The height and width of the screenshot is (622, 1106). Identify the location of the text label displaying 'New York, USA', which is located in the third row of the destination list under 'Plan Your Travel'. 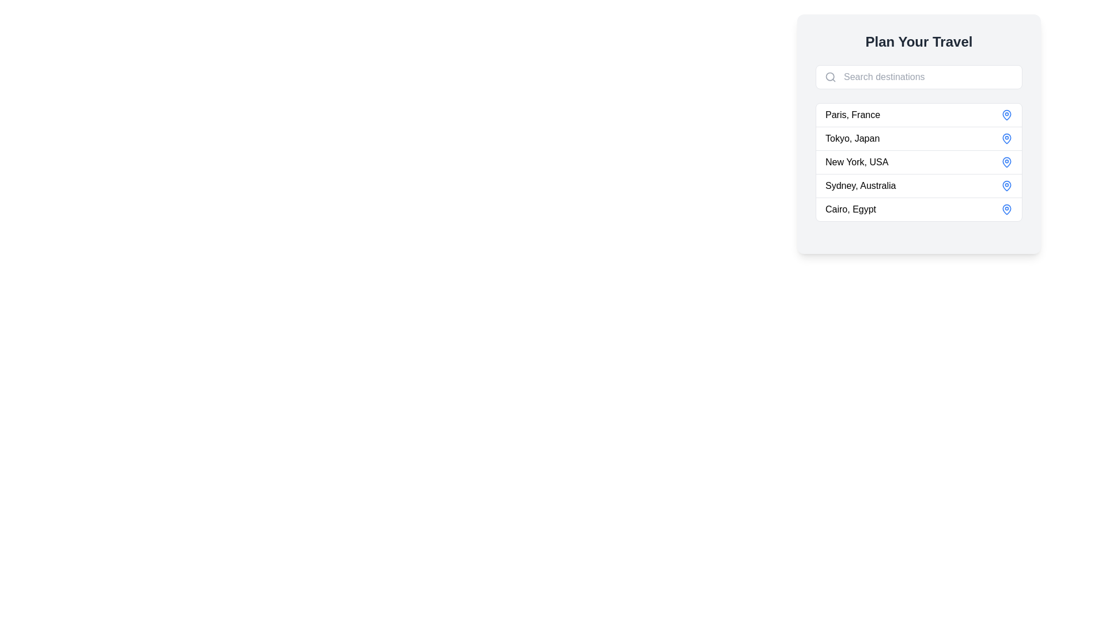
(857, 162).